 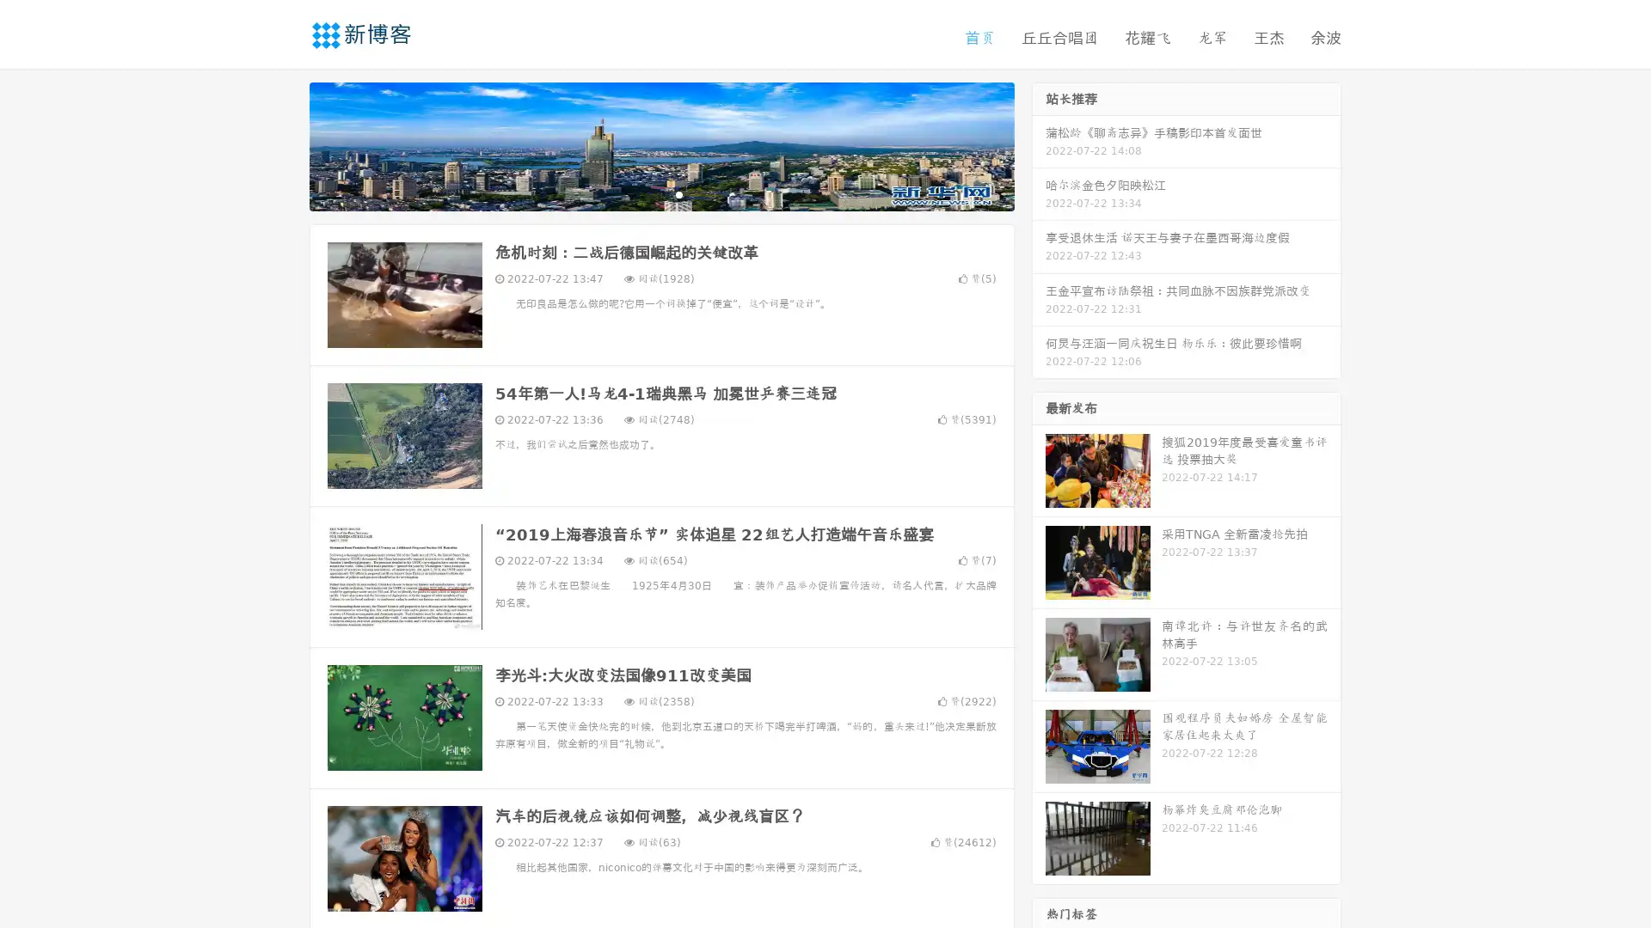 What do you see at coordinates (643, 193) in the screenshot?
I see `Go to slide 1` at bounding box center [643, 193].